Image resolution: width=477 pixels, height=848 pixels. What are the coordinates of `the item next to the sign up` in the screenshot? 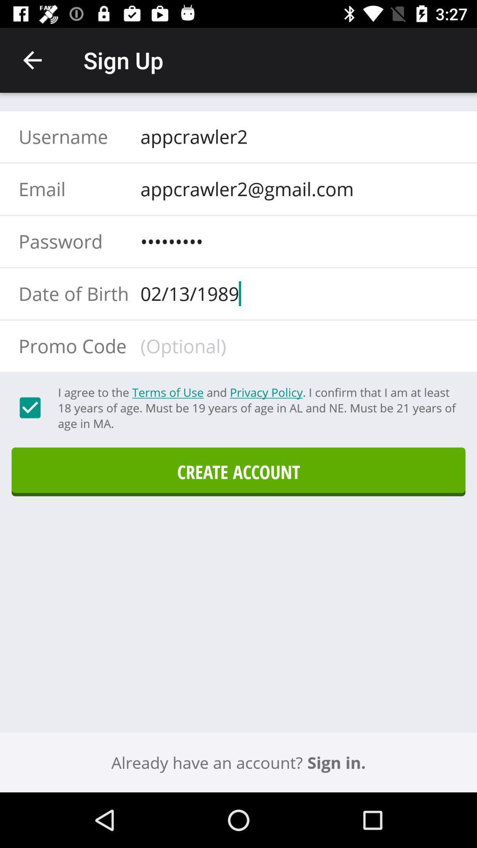 It's located at (32, 60).